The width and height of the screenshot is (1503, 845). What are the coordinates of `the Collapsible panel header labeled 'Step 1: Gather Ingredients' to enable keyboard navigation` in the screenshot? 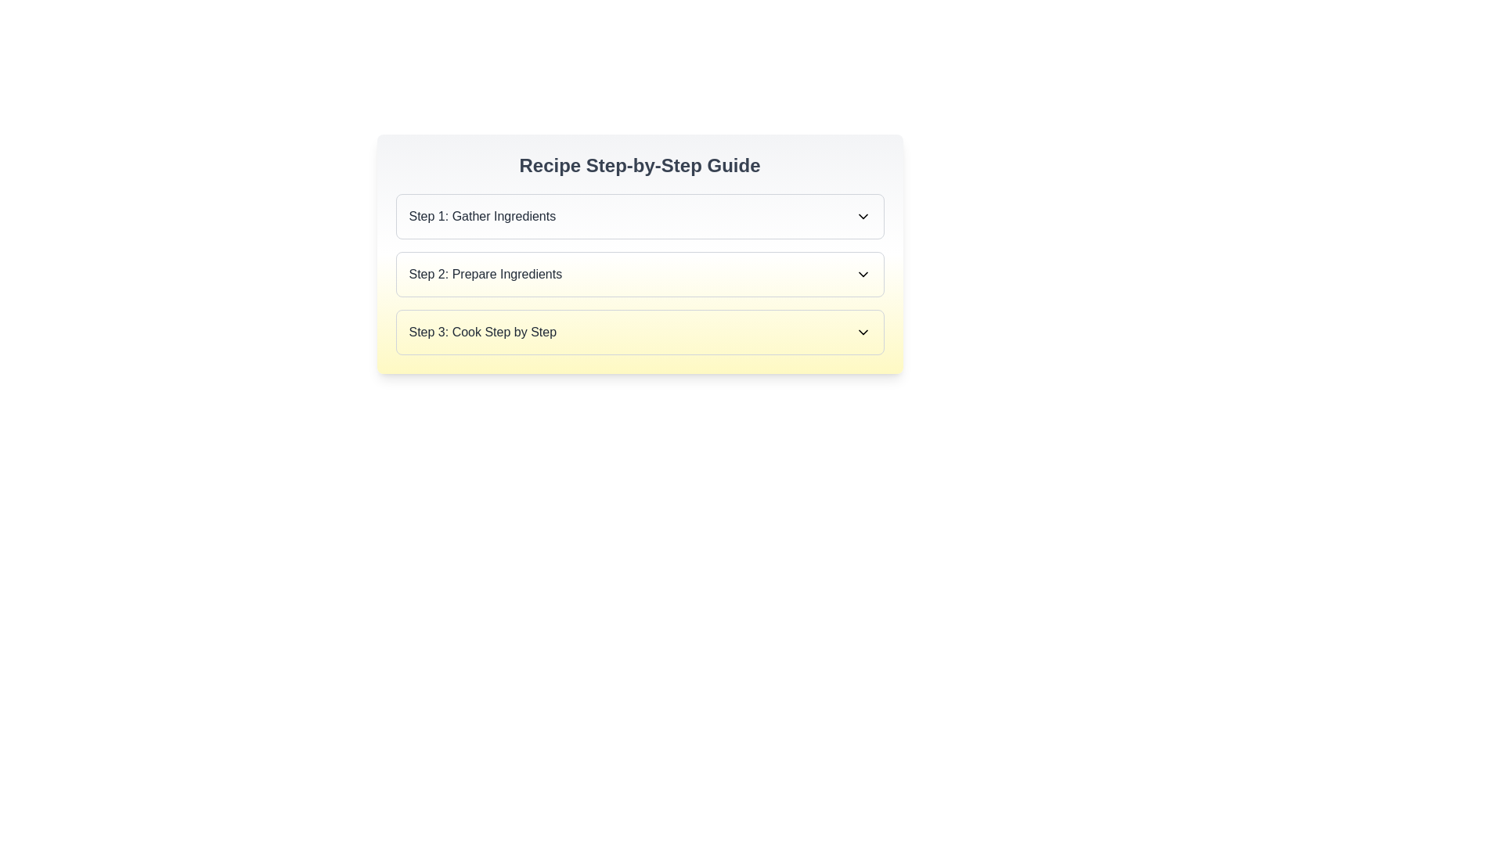 It's located at (640, 217).